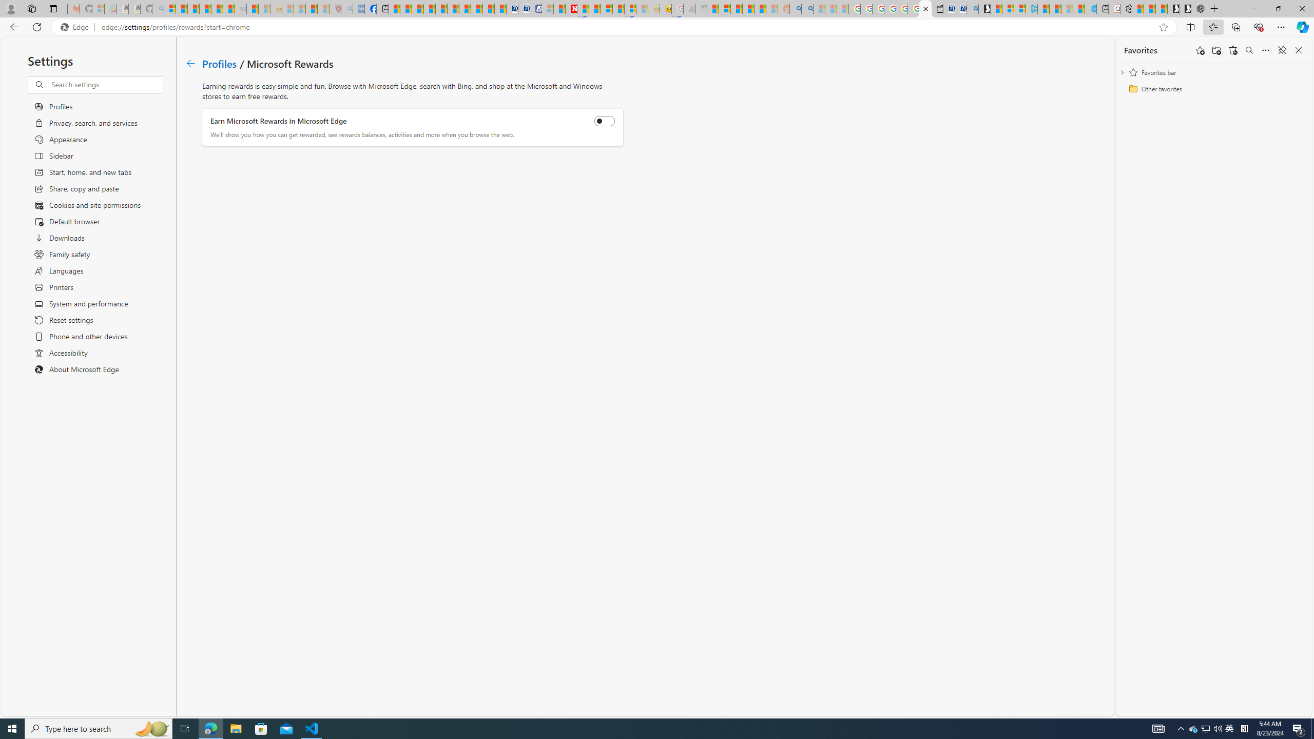 This screenshot has width=1314, height=739. What do you see at coordinates (1215, 49) in the screenshot?
I see `'Add folder'` at bounding box center [1215, 49].